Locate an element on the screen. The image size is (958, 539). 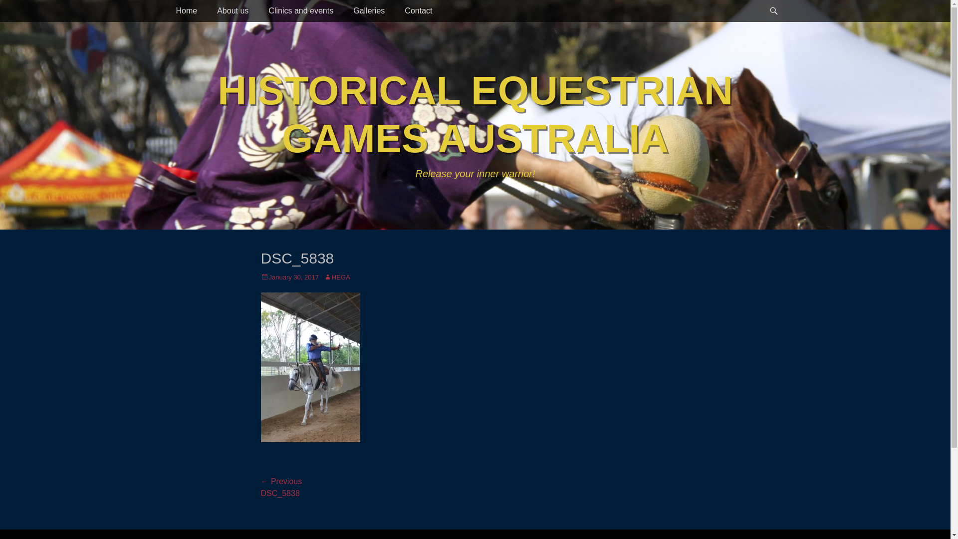
'Galleries' is located at coordinates (368, 11).